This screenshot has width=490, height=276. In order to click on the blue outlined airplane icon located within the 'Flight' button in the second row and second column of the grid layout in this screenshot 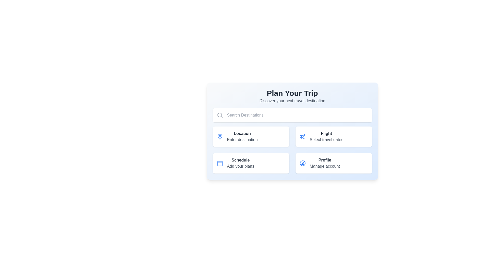, I will do `click(302, 136)`.